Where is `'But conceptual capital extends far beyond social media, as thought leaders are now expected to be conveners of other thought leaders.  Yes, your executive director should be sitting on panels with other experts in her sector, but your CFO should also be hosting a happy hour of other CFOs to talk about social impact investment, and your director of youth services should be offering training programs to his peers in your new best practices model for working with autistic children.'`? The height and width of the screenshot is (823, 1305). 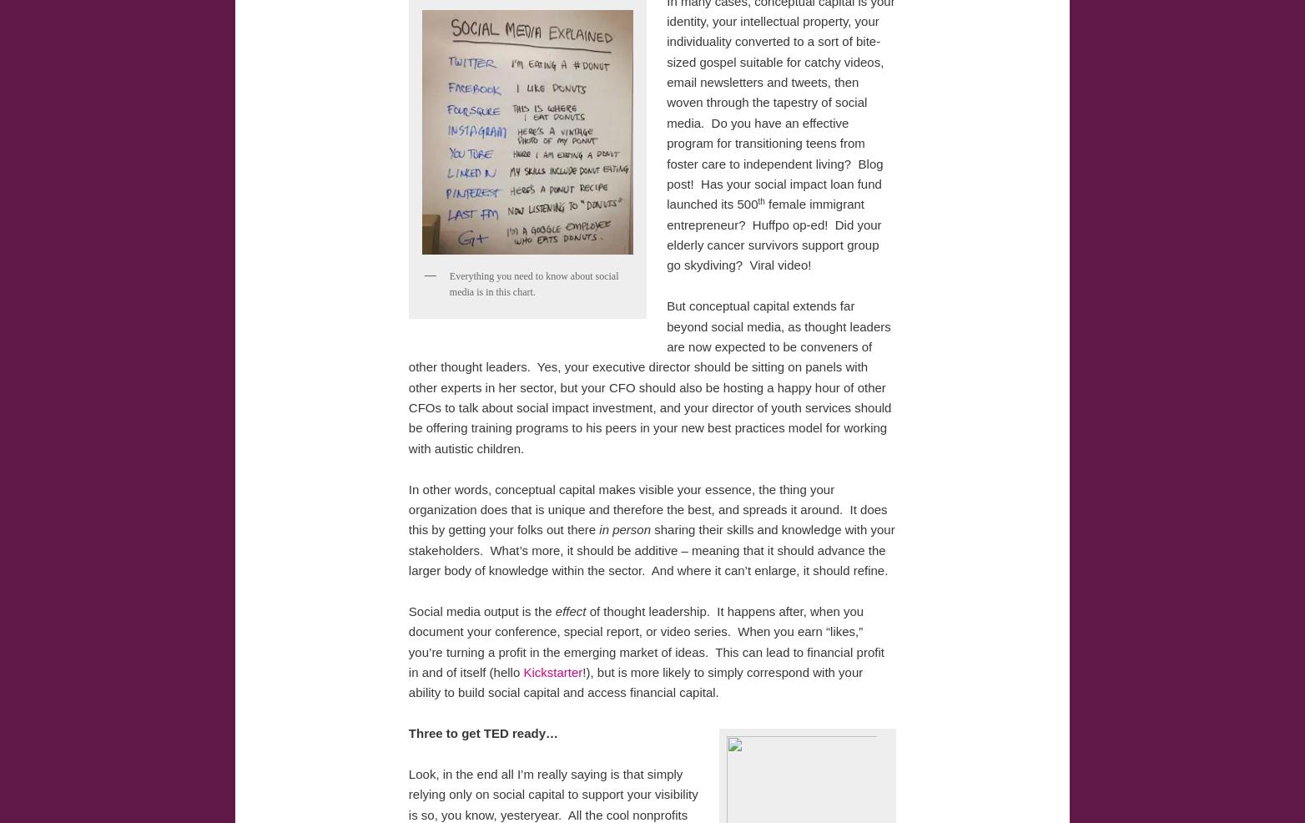
'But conceptual capital extends far beyond social media, as thought leaders are now expected to be conveners of other thought leaders.  Yes, your executive director should be sitting on panels with other experts in her sector, but your CFO should also be hosting a happy hour of other CFOs to talk about social impact investment, and your director of youth services should be offering training programs to his peers in your new best practices model for working with autistic children.' is located at coordinates (648, 376).